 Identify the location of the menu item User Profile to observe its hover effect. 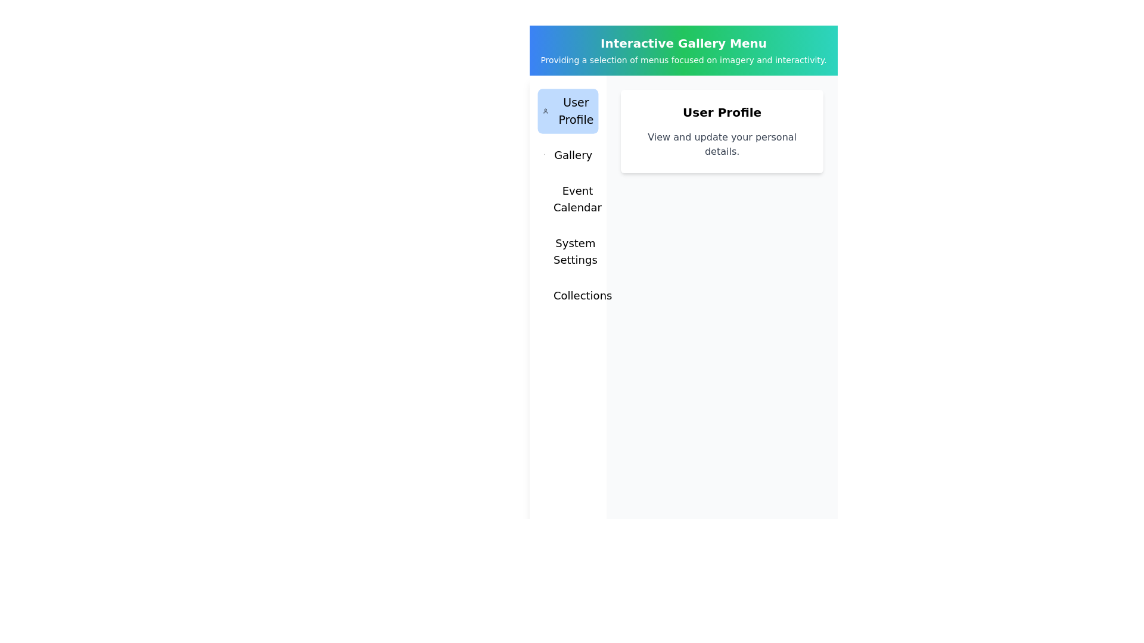
(567, 111).